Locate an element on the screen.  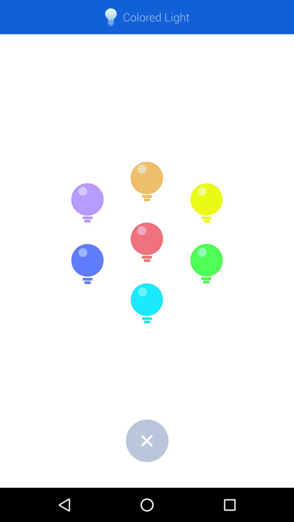
closes the application page is located at coordinates (147, 440).